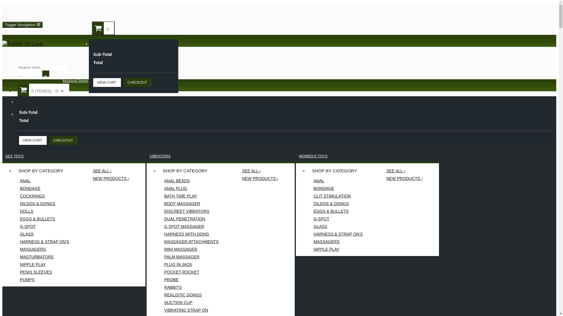 This screenshot has height=316, width=563. I want to click on 'SEX TOYS', so click(14, 156).